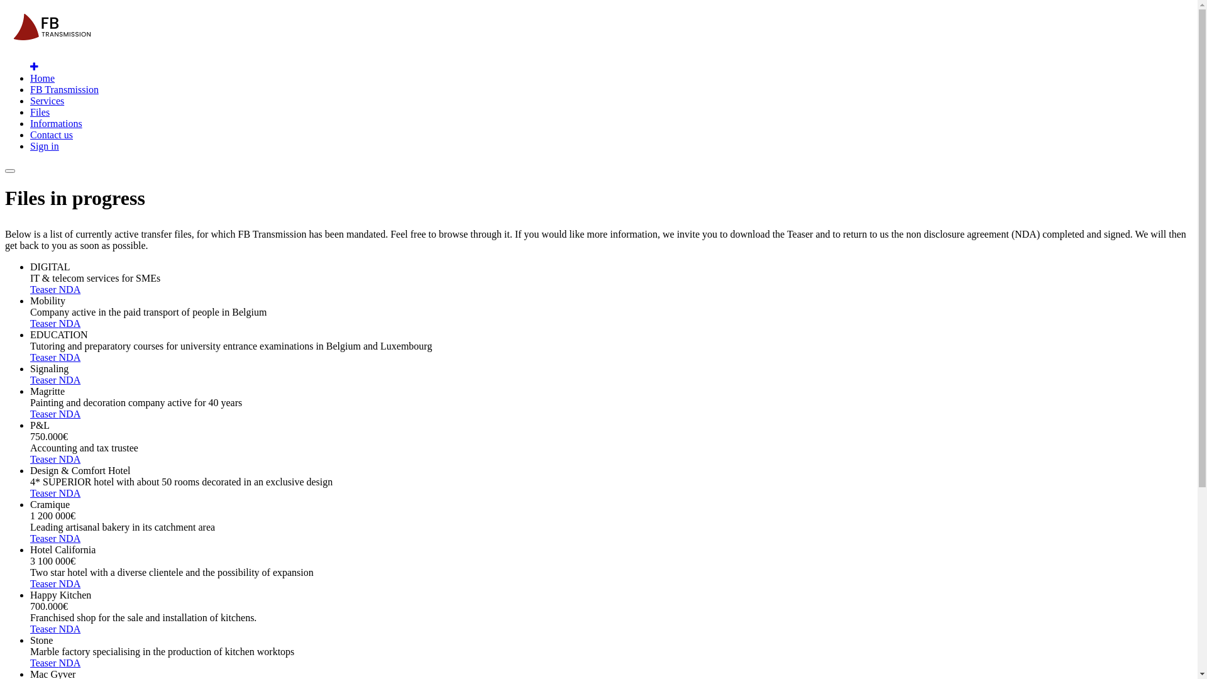  What do you see at coordinates (45, 583) in the screenshot?
I see `'Teaser'` at bounding box center [45, 583].